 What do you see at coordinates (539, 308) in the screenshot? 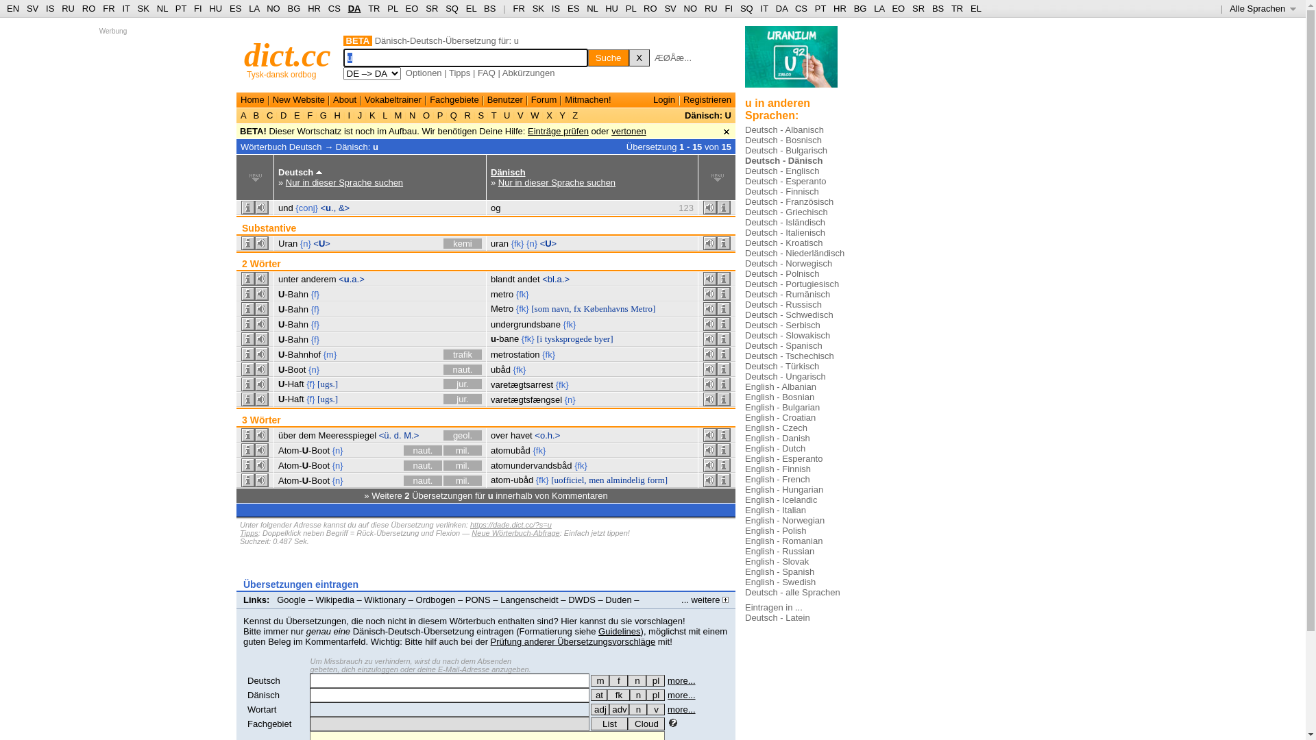
I see `'[som'` at bounding box center [539, 308].